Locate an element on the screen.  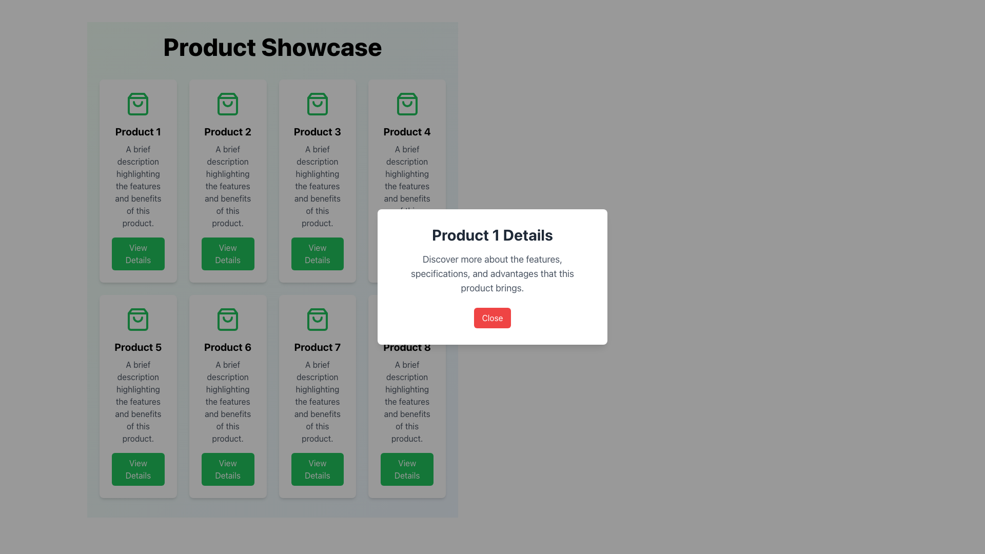
the shopping icon located at the top center of the 'Product 7' card, just above the product title 'Product 7', as a visual cue is located at coordinates (317, 319).